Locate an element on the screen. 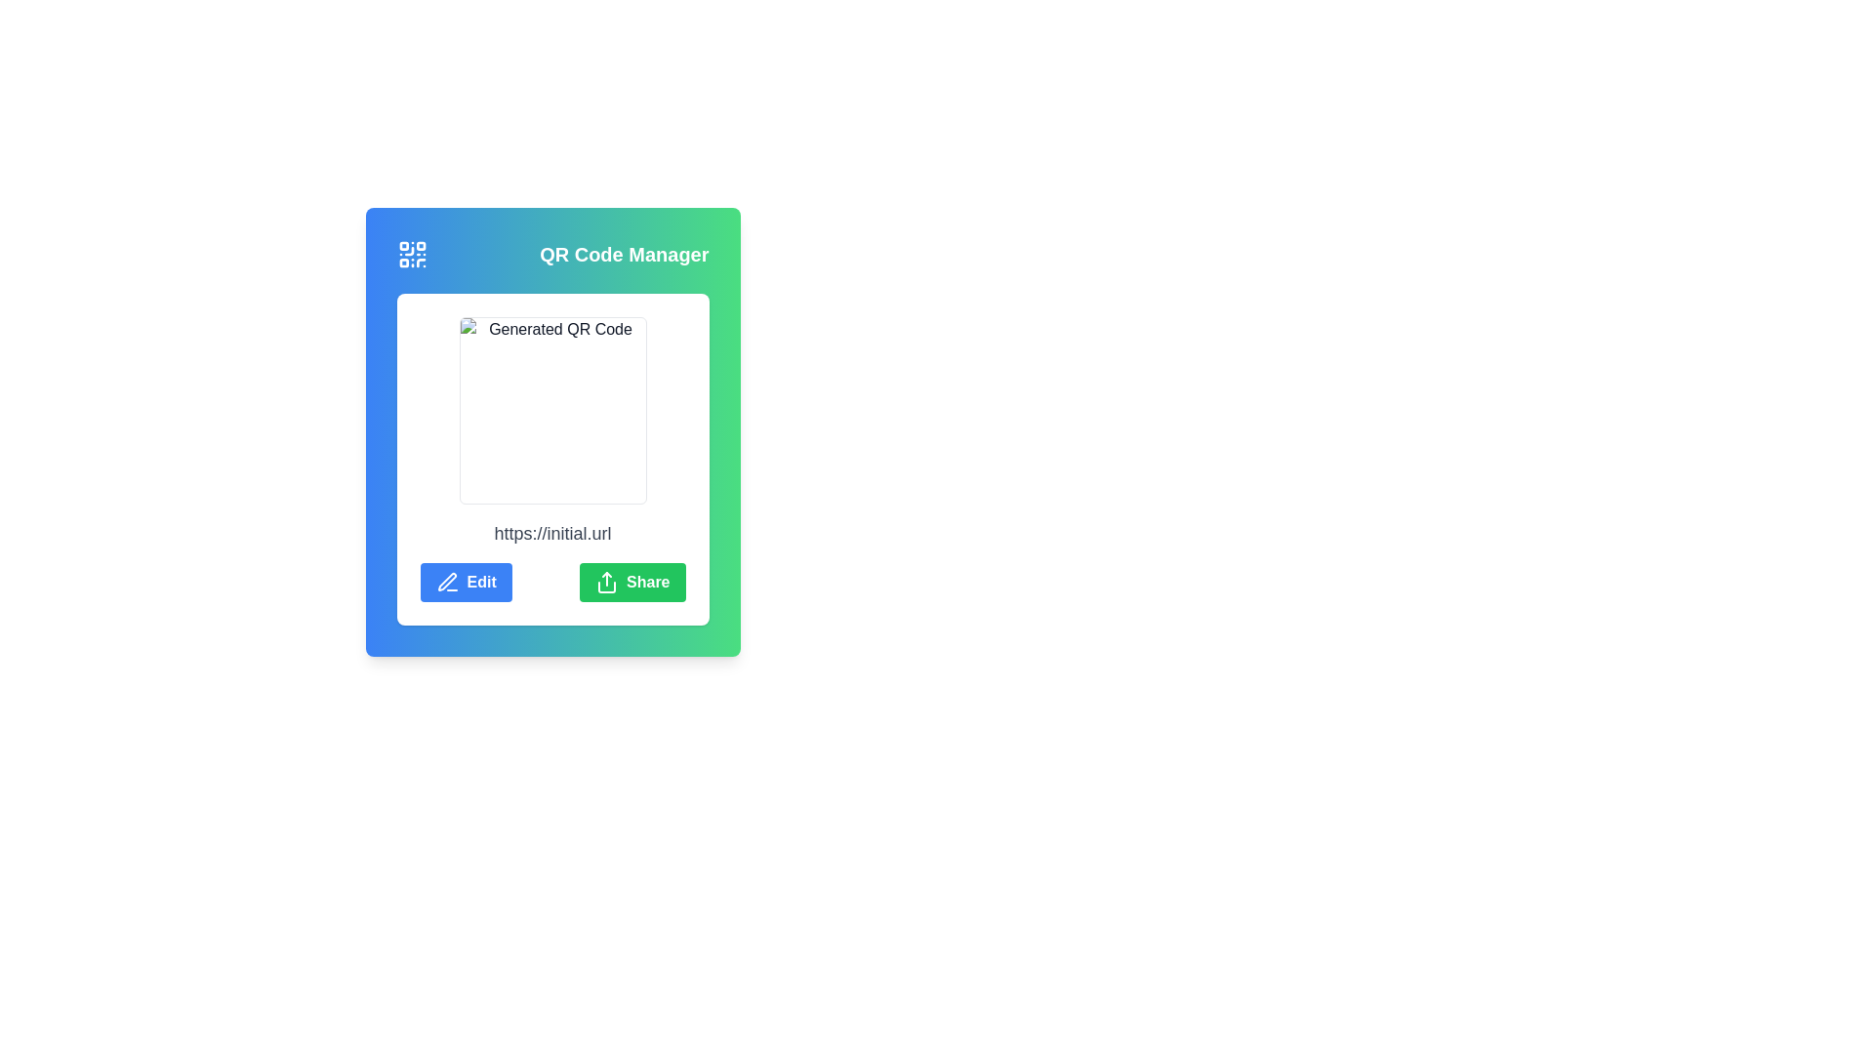 The height and width of the screenshot is (1054, 1874). the Text Display element that shows the URL 'https://initial.url', centrally aligned in light gray font, located within a card section at the bottom middle of the UI is located at coordinates (551, 534).